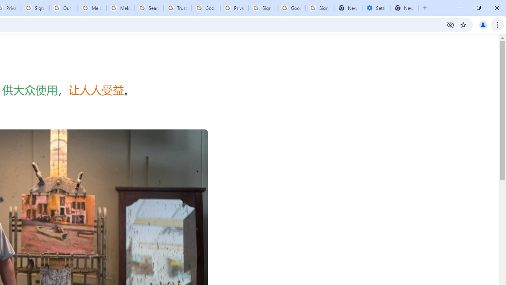 The height and width of the screenshot is (285, 506). I want to click on 'Trusted Information and Content - Google Safety Center', so click(177, 8).